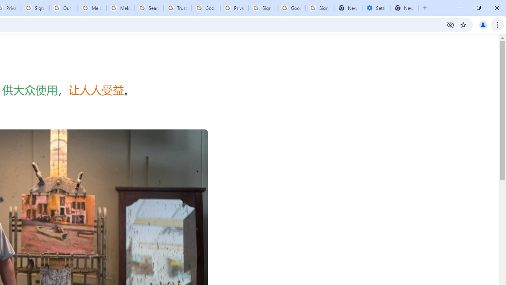 The height and width of the screenshot is (285, 506). I want to click on 'Trusted Information and Content - Google Safety Center', so click(177, 8).